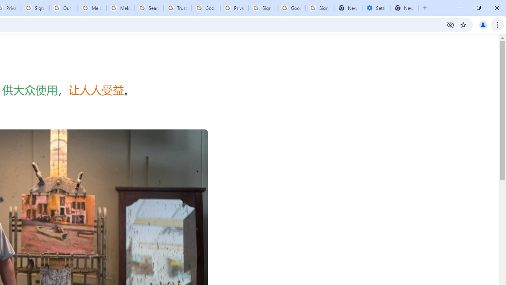 The height and width of the screenshot is (285, 506). I want to click on 'Trusted Information and Content - Google Safety Center', so click(177, 8).